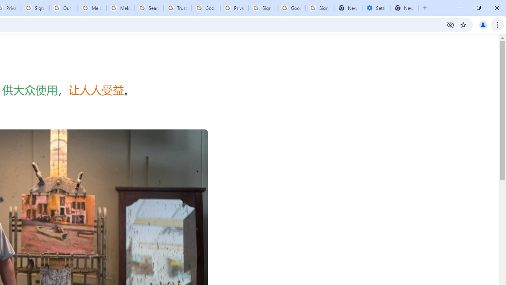 The height and width of the screenshot is (285, 506). I want to click on 'Trusted Information and Content - Google Safety Center', so click(177, 8).